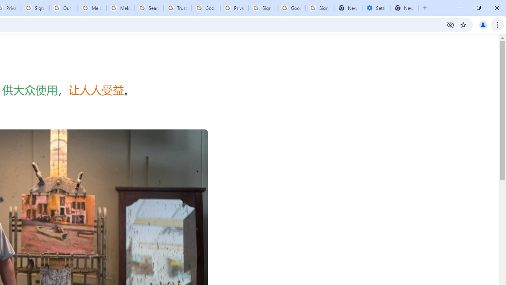 The height and width of the screenshot is (285, 506). I want to click on 'Trusted Information and Content - Google Safety Center', so click(177, 8).